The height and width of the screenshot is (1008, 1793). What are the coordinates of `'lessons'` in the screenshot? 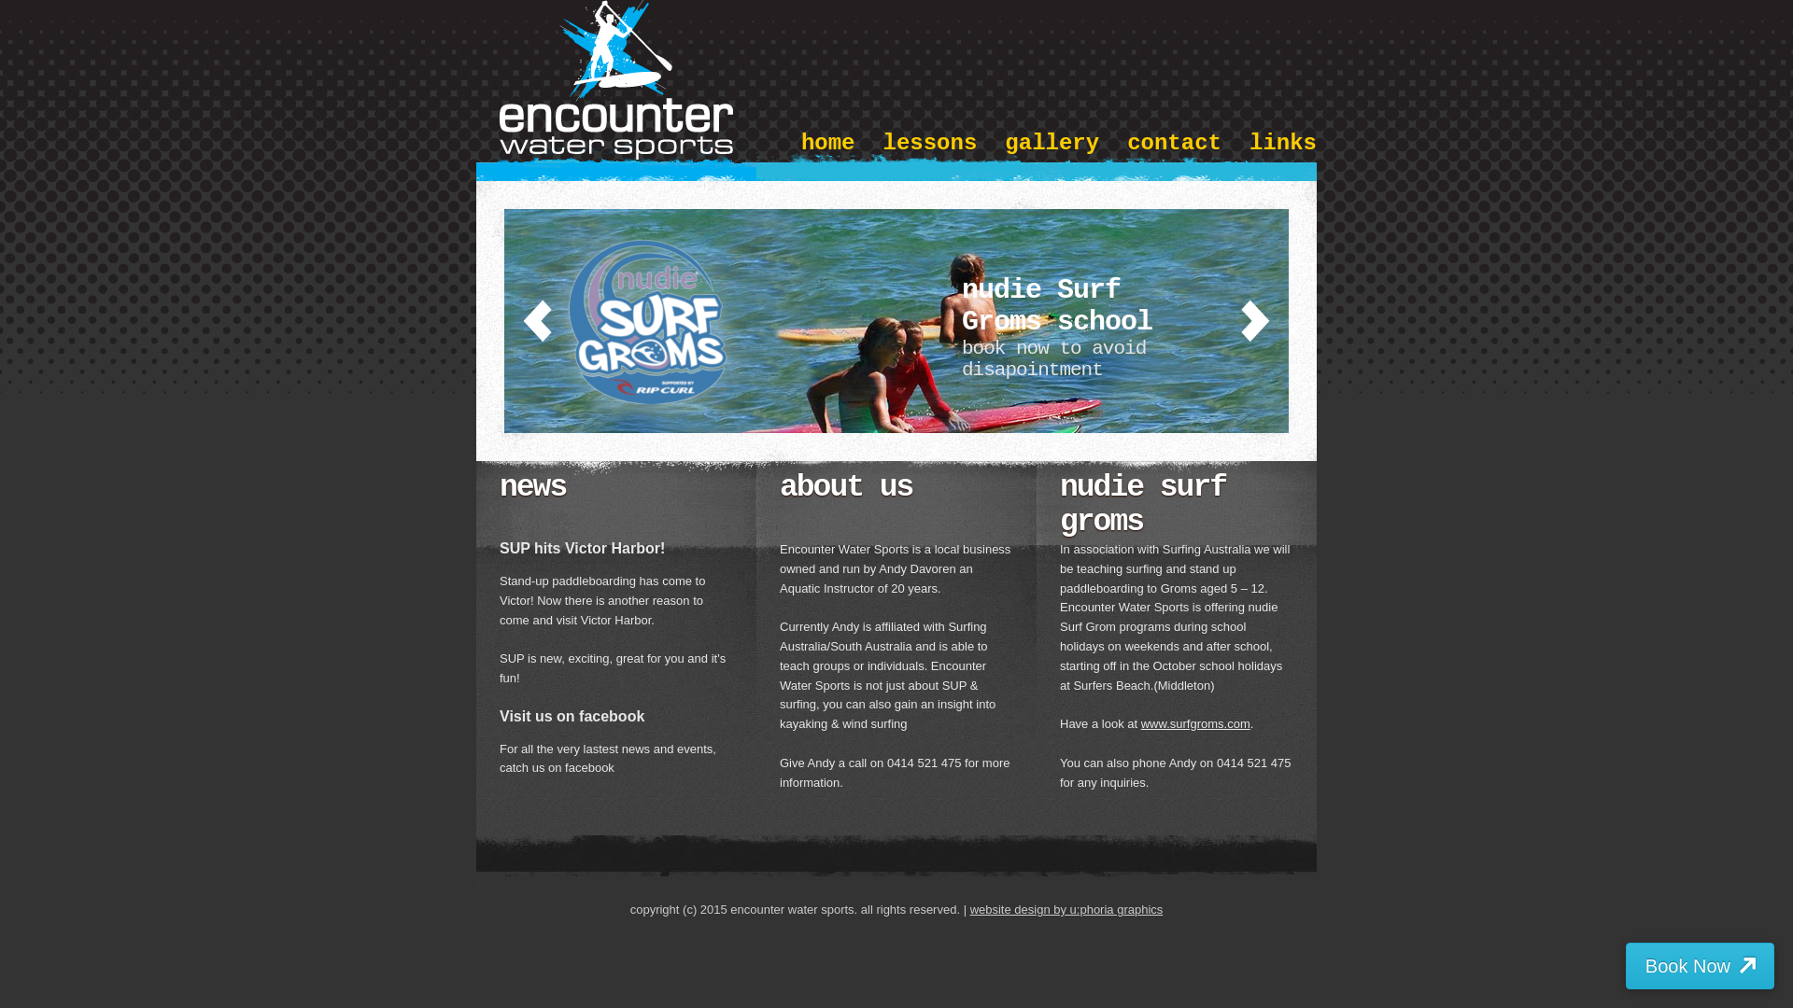 It's located at (882, 142).